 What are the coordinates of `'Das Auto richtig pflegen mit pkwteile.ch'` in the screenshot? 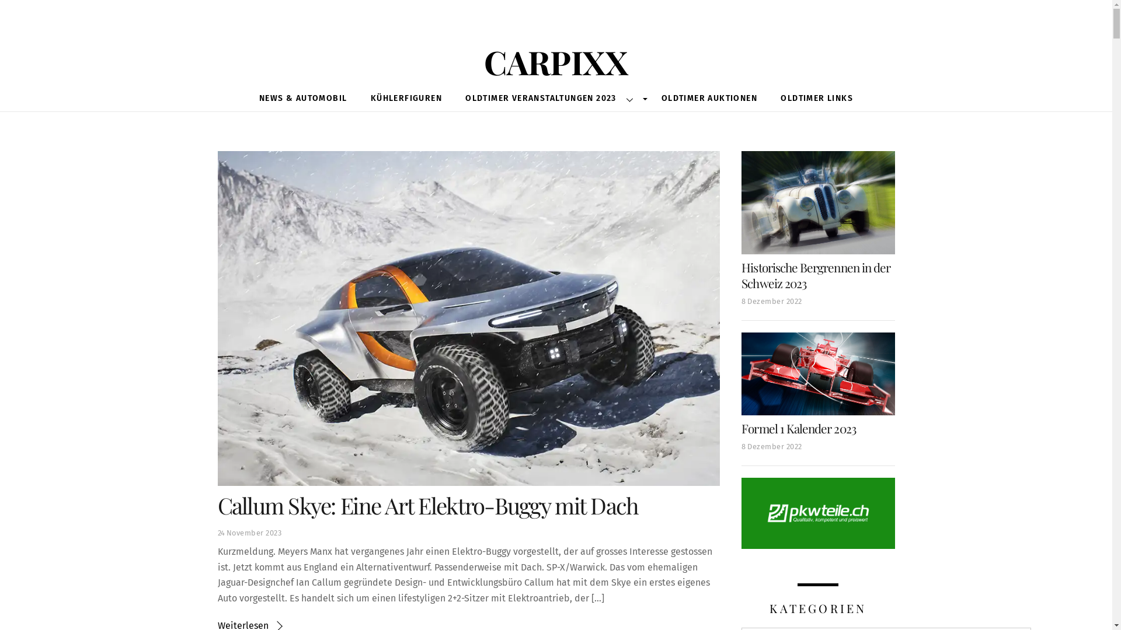 It's located at (817, 512).